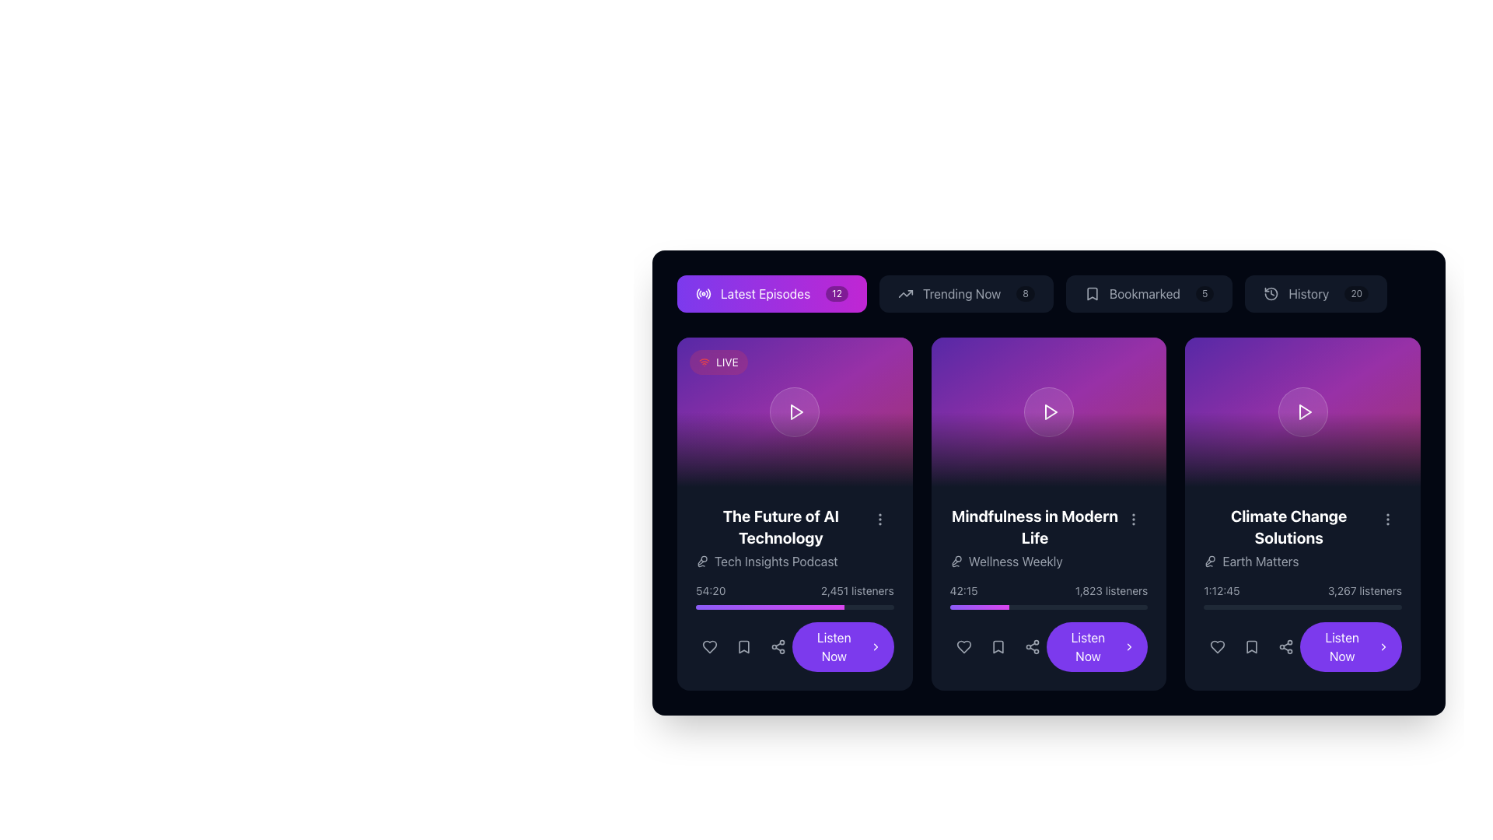 This screenshot has width=1493, height=840. Describe the element at coordinates (765, 294) in the screenshot. I see `the 'Latest Episodes' text label in the navigation bar` at that location.